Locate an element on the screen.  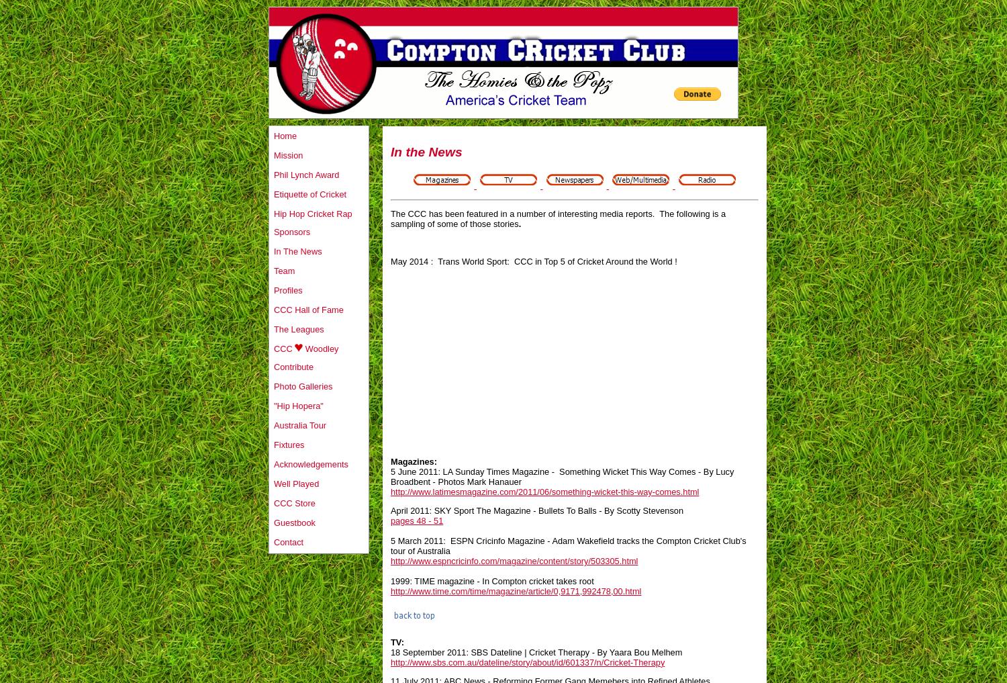
'Contribute' is located at coordinates (293, 367).